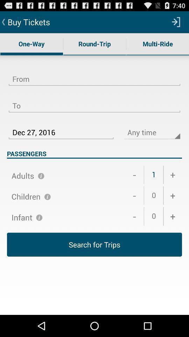 This screenshot has height=337, width=189. Describe the element at coordinates (94, 75) in the screenshot. I see `from` at that location.